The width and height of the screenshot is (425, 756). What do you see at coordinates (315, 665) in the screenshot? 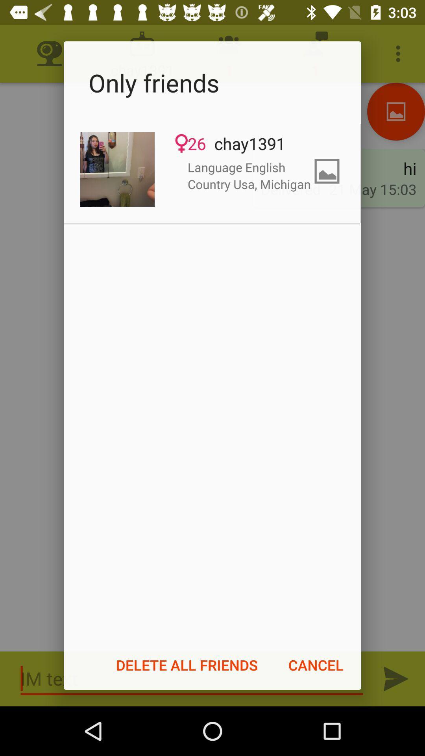
I see `cancel` at bounding box center [315, 665].